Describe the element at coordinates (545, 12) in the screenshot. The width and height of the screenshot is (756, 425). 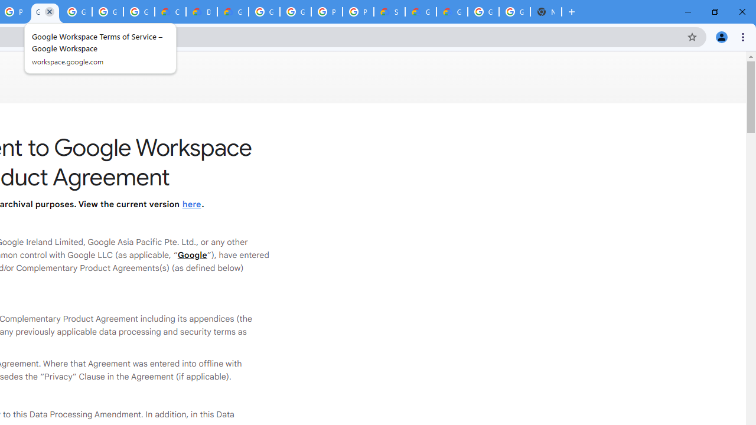
I see `'New Tab'` at that location.